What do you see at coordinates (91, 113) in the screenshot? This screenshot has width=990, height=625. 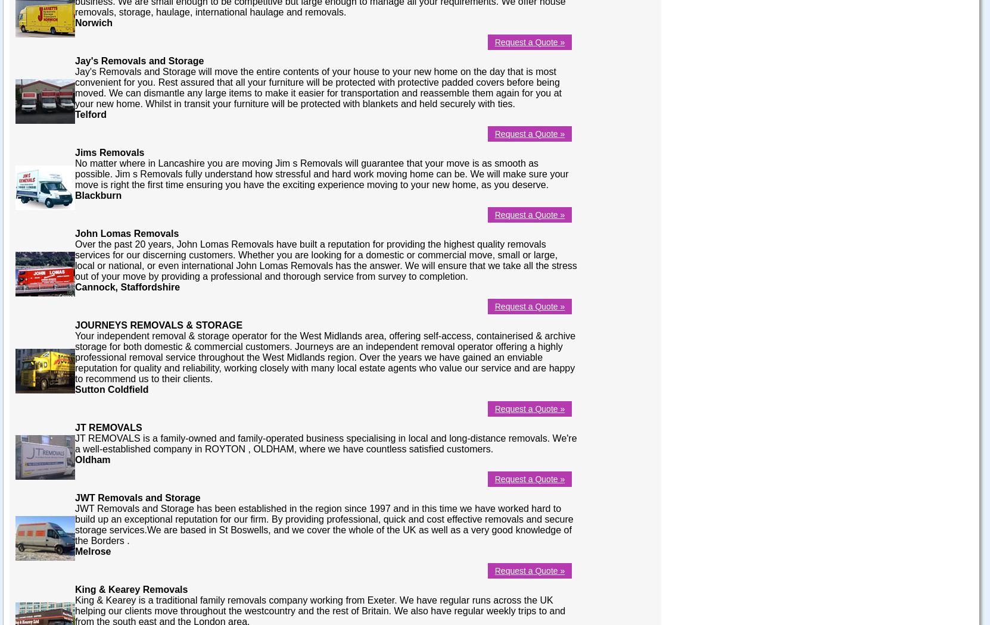 I see `'Telford'` at bounding box center [91, 113].